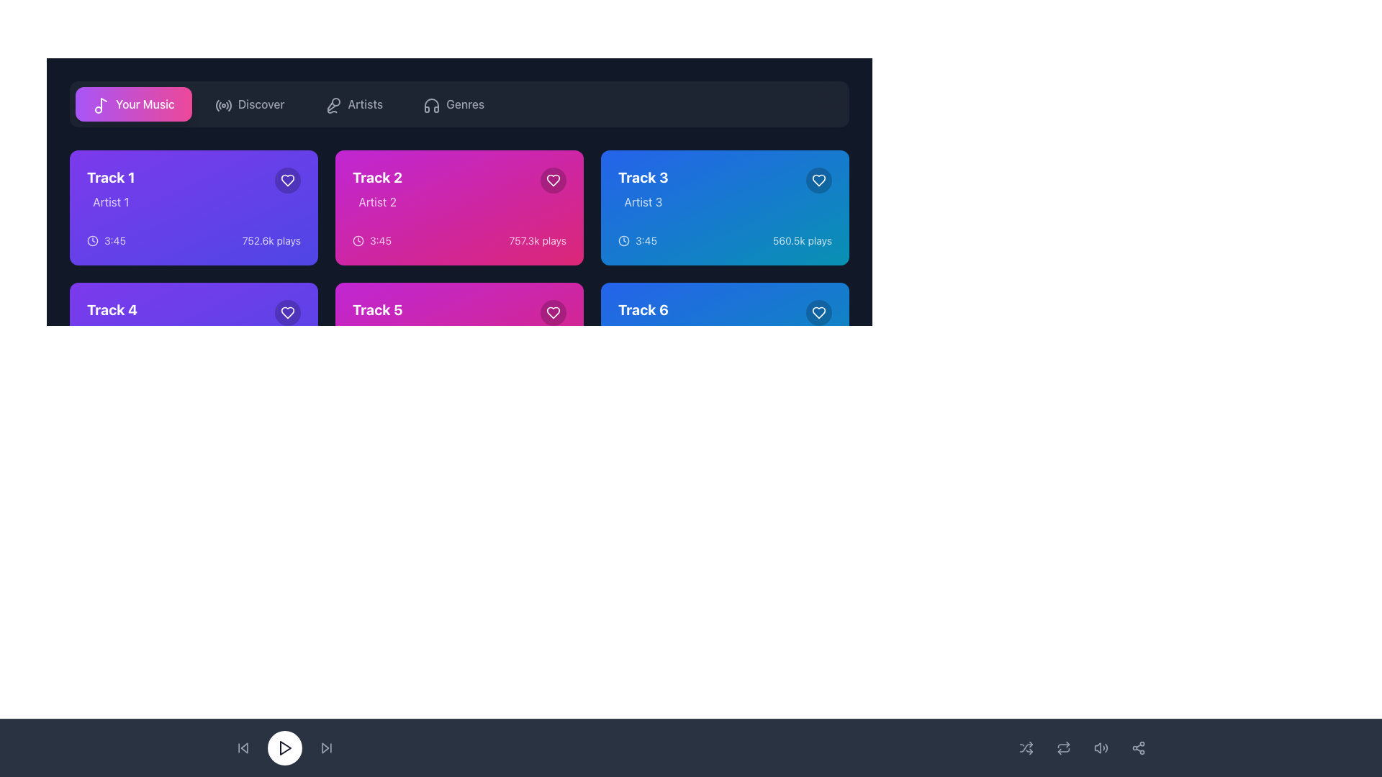 The width and height of the screenshot is (1382, 777). Describe the element at coordinates (100, 104) in the screenshot. I see `the 'Your Music' button in the navigation bar, which contains a music note icon on the left side of the button text` at that location.